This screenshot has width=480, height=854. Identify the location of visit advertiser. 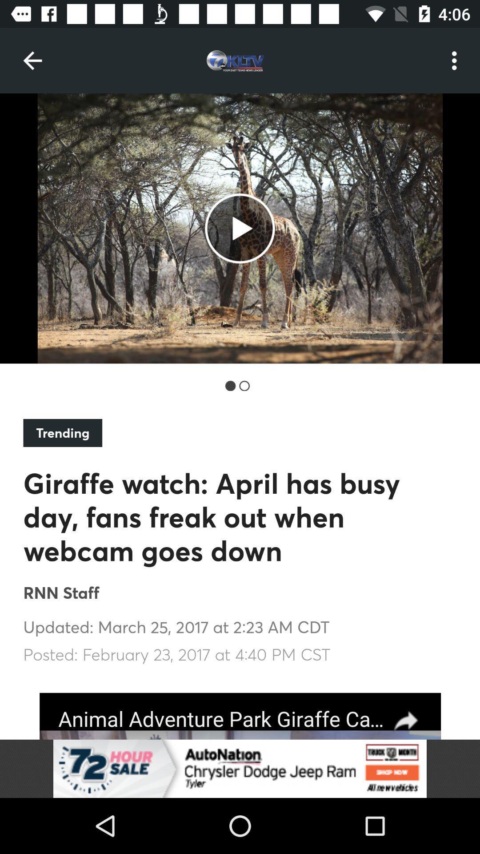
(240, 768).